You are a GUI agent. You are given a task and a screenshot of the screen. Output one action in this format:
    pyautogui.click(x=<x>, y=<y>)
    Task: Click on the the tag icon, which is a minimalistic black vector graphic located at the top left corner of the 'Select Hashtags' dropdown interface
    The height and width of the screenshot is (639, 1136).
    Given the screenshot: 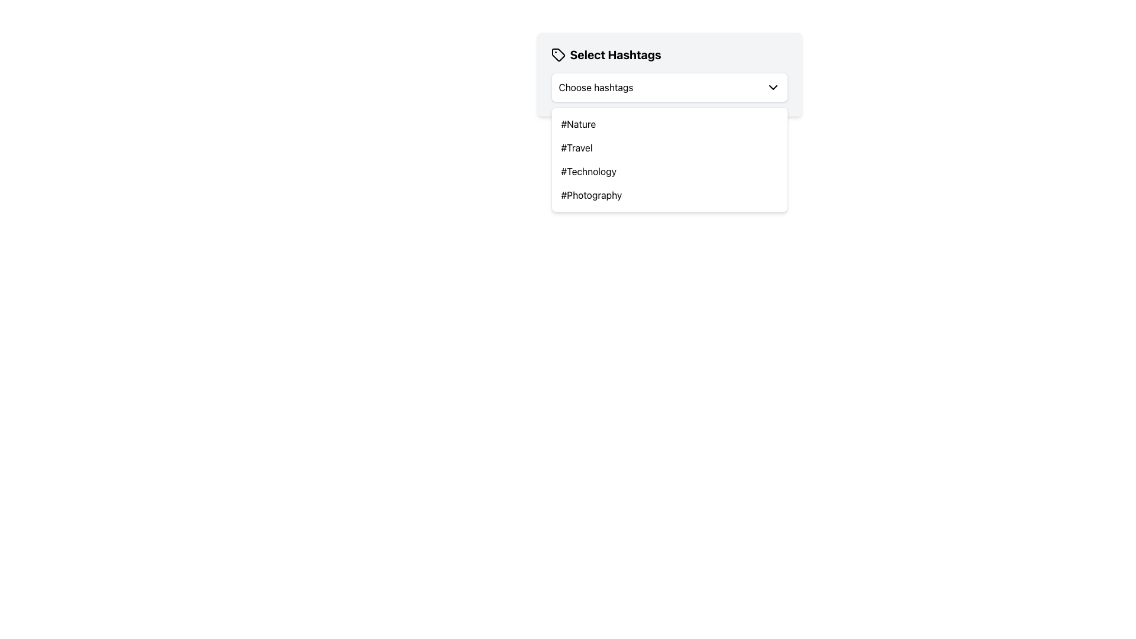 What is the action you would take?
    pyautogui.click(x=557, y=54)
    